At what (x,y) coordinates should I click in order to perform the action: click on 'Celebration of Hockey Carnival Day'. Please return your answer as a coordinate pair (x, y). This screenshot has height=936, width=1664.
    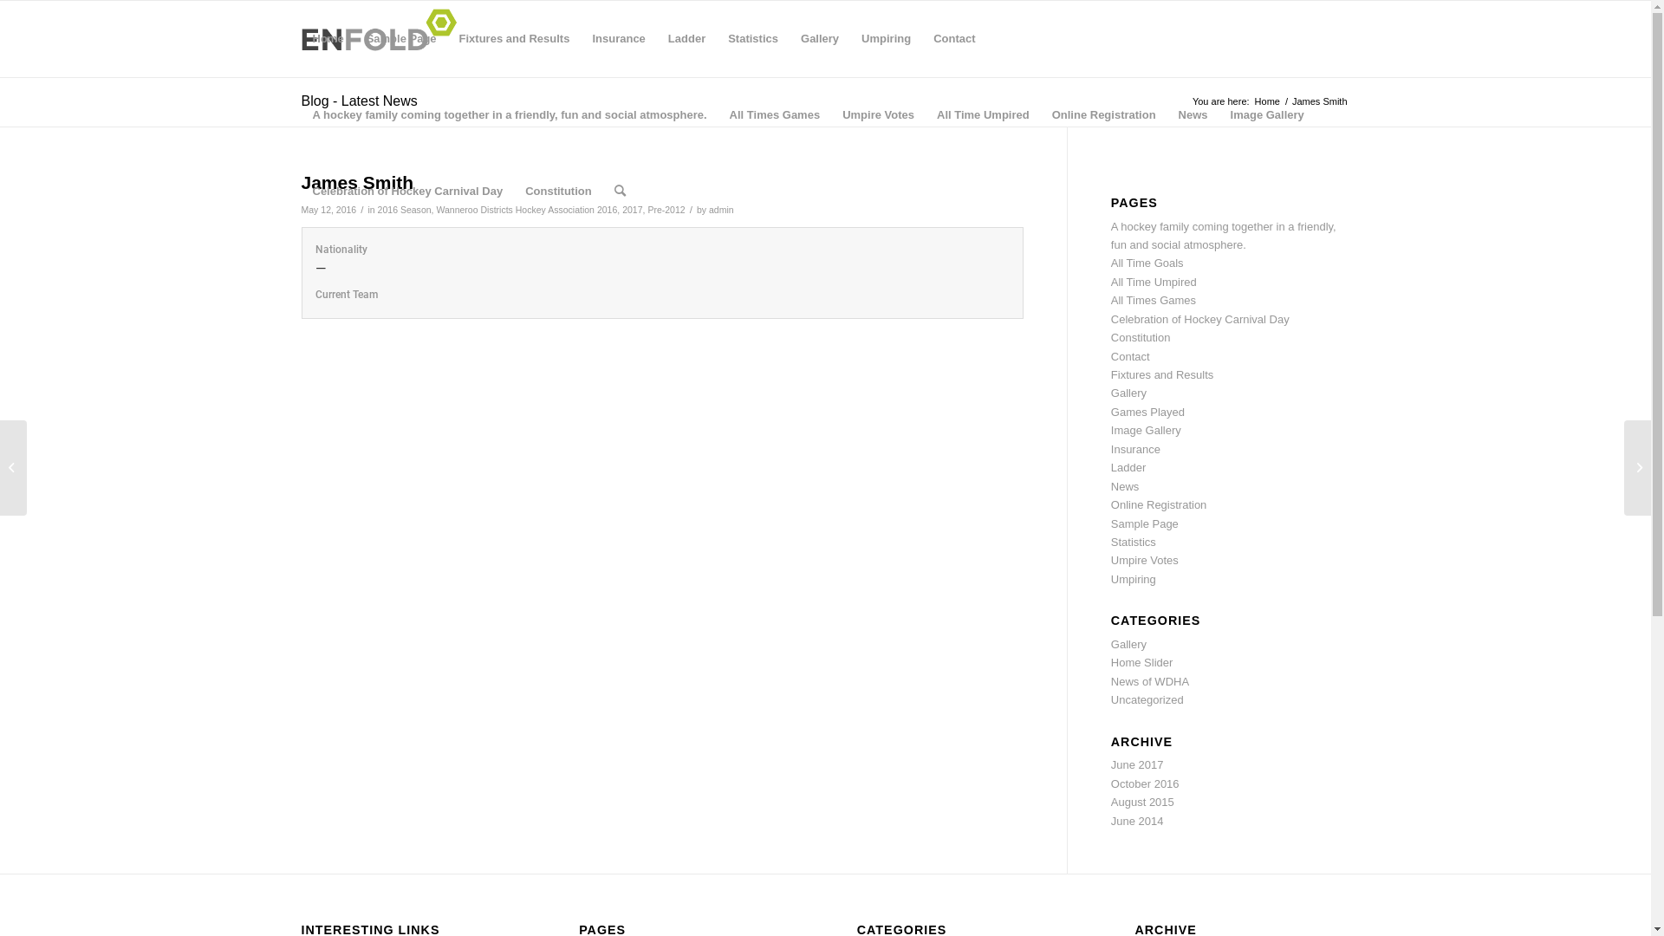
    Looking at the image, I should click on (406, 191).